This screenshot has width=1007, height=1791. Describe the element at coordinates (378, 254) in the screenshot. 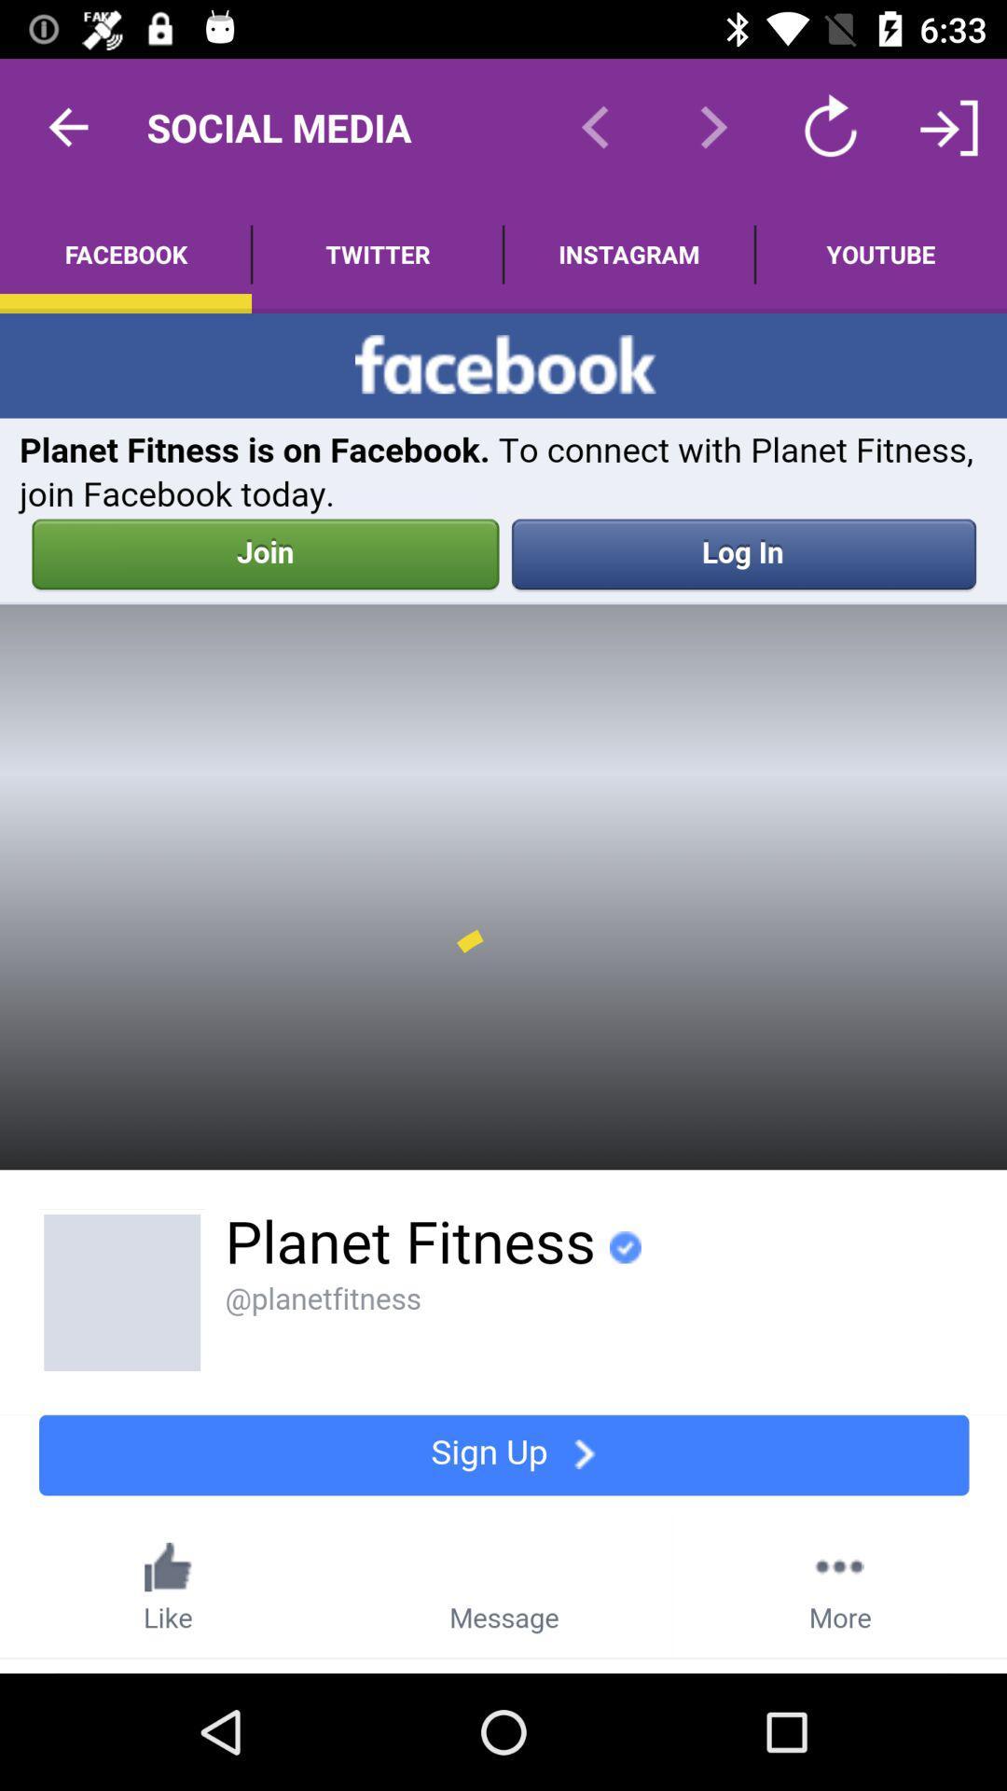

I see `twitter` at that location.